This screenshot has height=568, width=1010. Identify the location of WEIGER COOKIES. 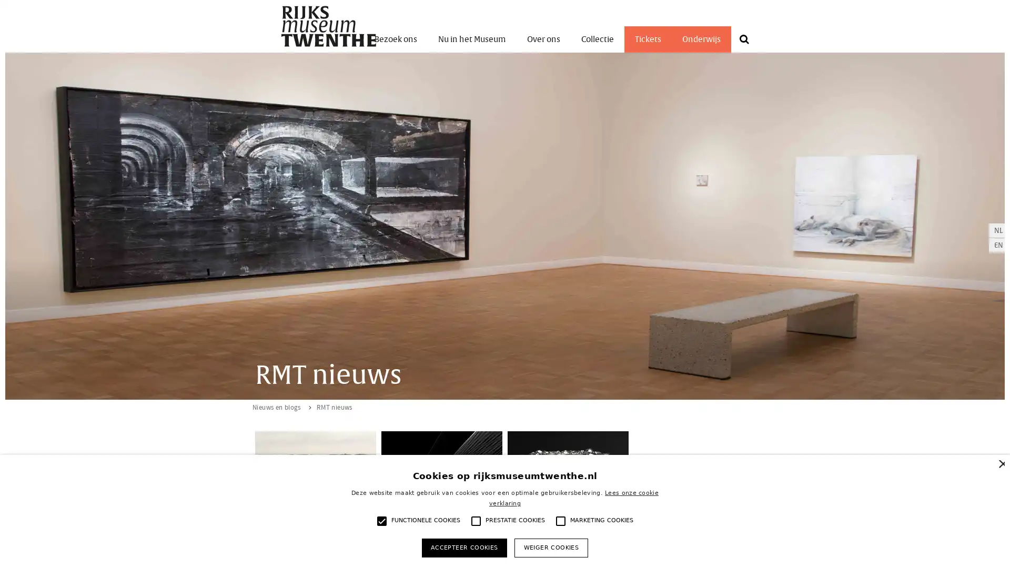
(550, 547).